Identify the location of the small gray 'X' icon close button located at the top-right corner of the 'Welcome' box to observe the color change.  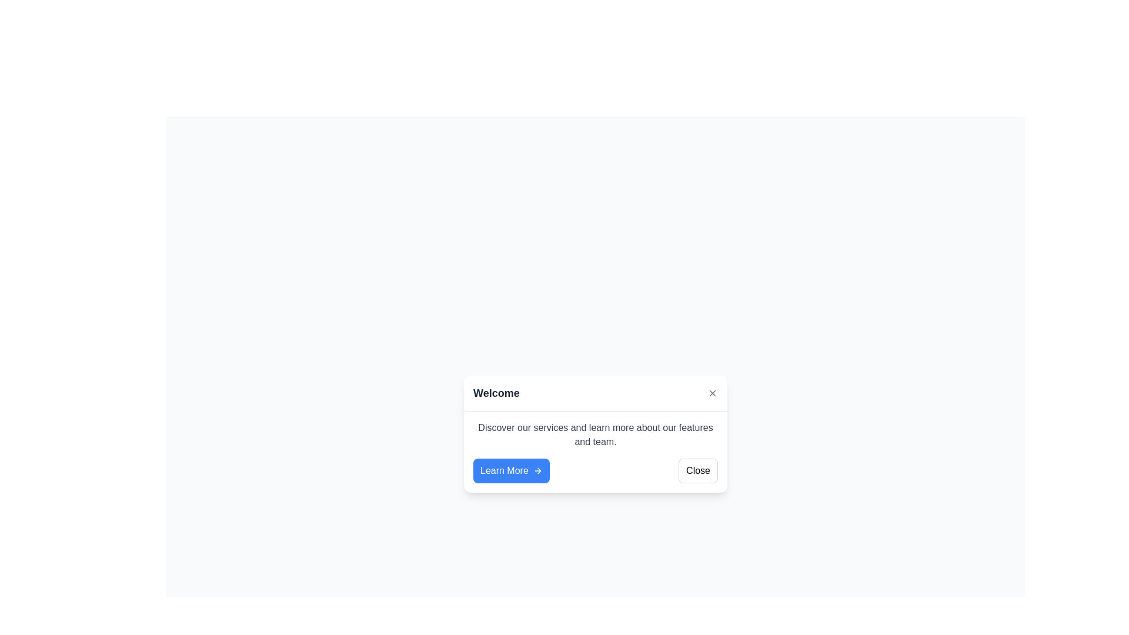
(712, 392).